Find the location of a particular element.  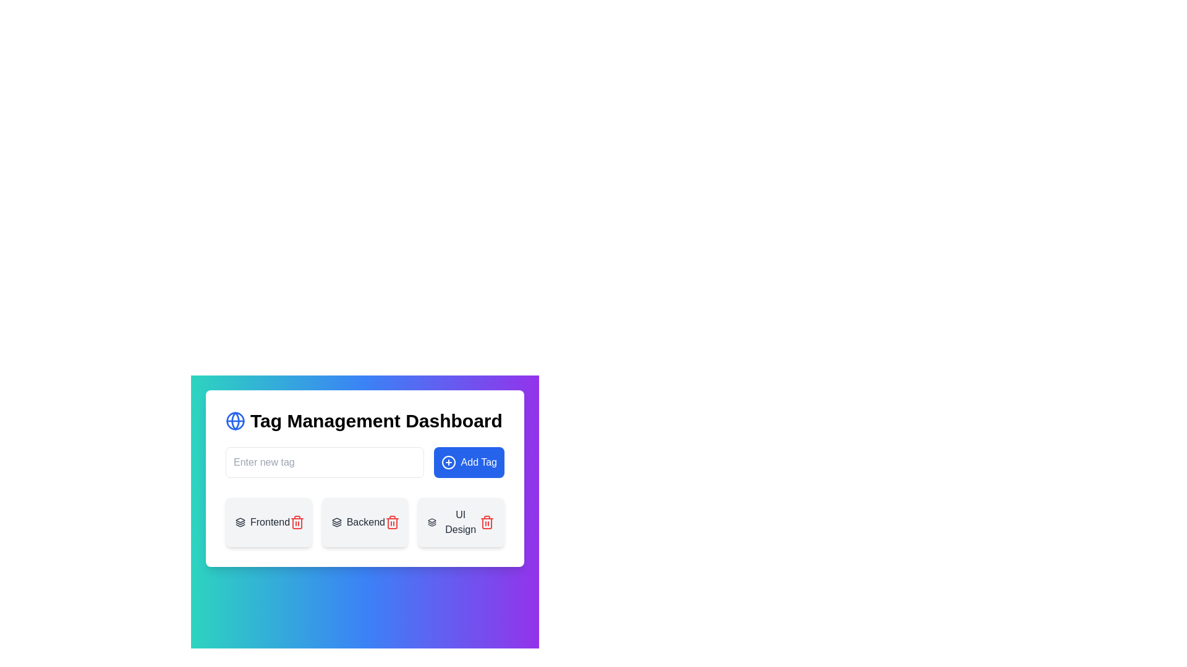

the delete button located at the bottom-right section of the 'UI Design' card is located at coordinates (486, 522).